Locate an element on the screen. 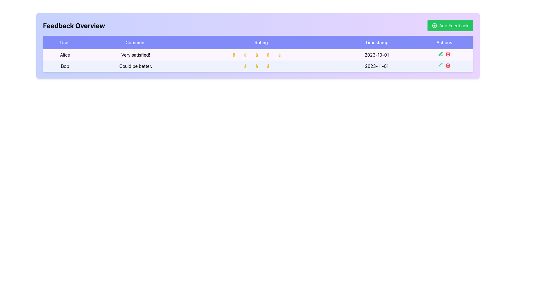 Image resolution: width=540 pixels, height=304 pixels. the delete icon in the 'Actions' column of the 'Feedback Overview' section associated with the second row for feedback by 'Bob' is located at coordinates (447, 65).